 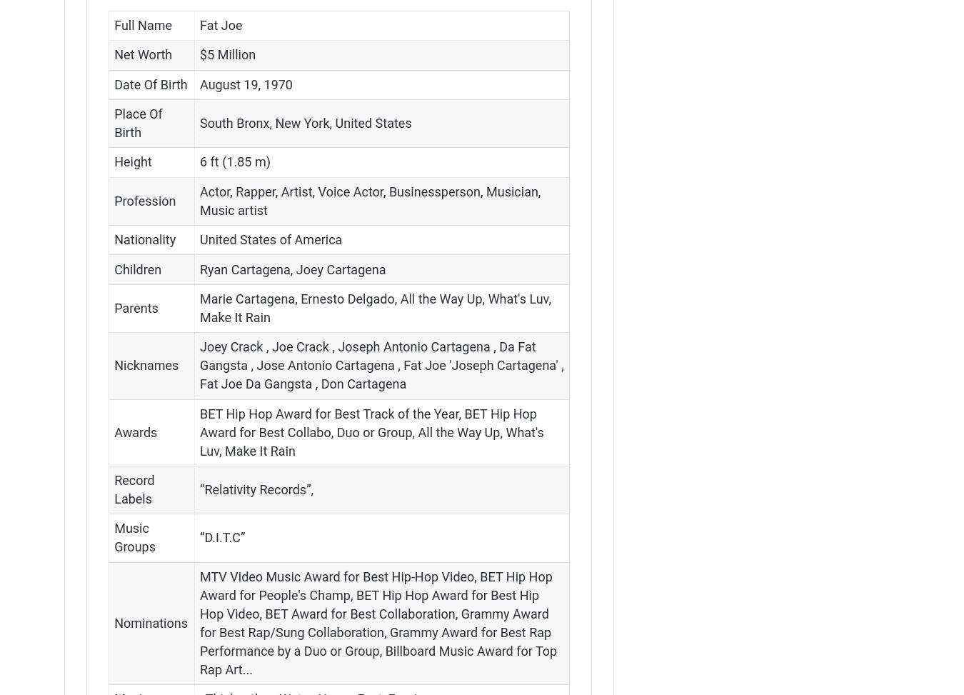 I want to click on 'South Bronx, New York, United States', so click(x=305, y=123).